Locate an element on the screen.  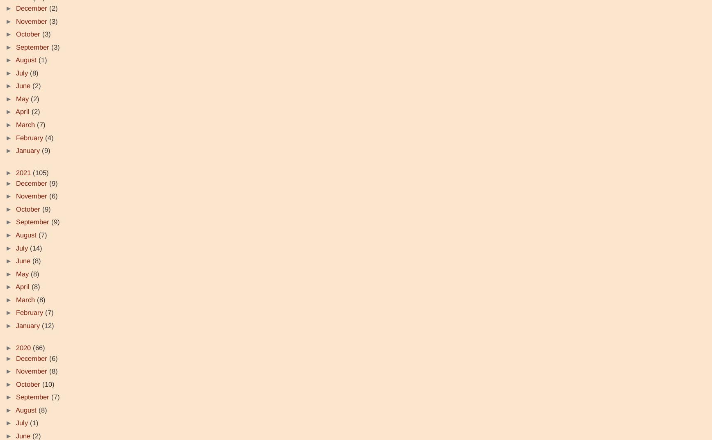
'2020' is located at coordinates (16, 347).